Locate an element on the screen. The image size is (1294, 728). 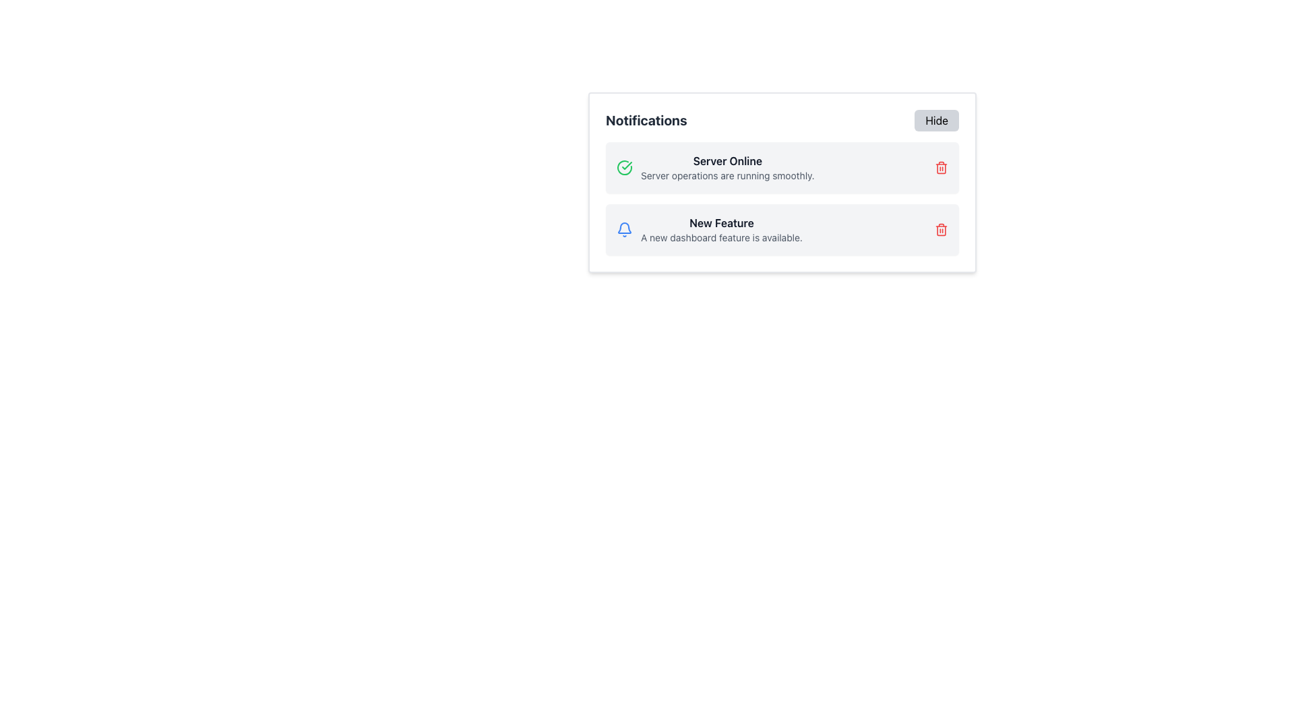
the green circular Status Indicator Icon with a checkmark inside, located in the Notifications section next to the 'Server Online' text is located at coordinates (623, 167).